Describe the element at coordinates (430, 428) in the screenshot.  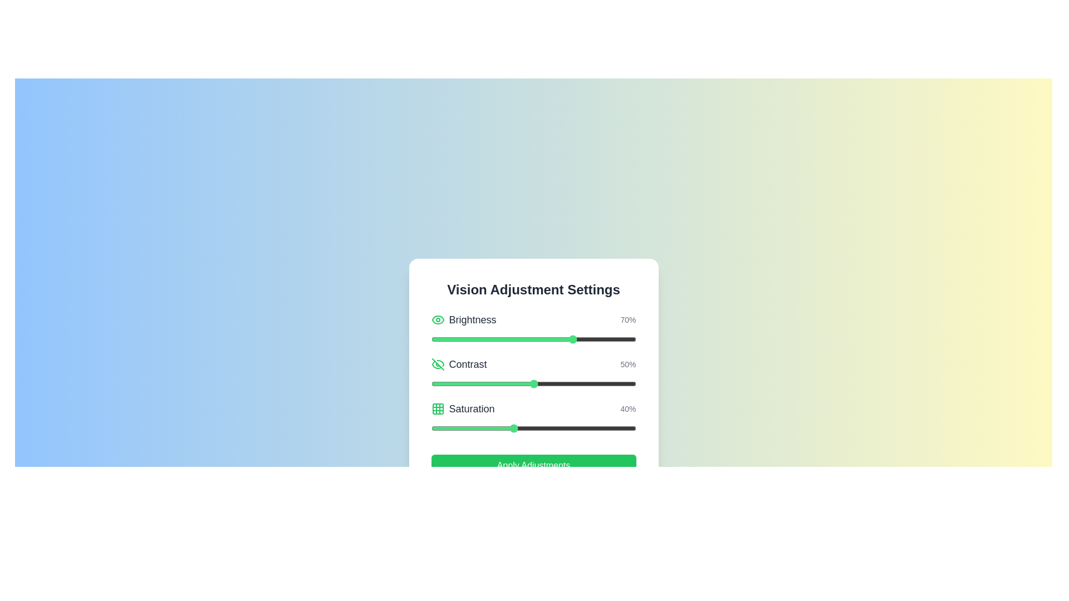
I see `the saturation slider to set the saturation level to 0%` at that location.